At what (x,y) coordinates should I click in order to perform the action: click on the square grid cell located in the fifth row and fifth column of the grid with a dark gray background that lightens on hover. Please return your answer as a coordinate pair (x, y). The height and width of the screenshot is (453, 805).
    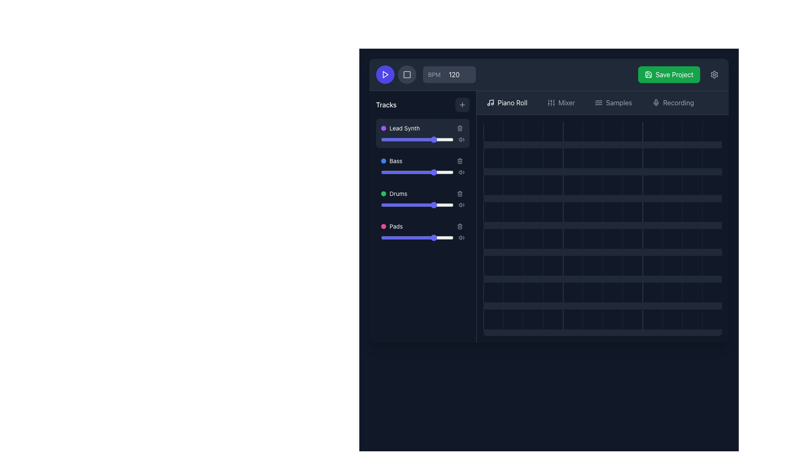
    Looking at the image, I should click on (592, 211).